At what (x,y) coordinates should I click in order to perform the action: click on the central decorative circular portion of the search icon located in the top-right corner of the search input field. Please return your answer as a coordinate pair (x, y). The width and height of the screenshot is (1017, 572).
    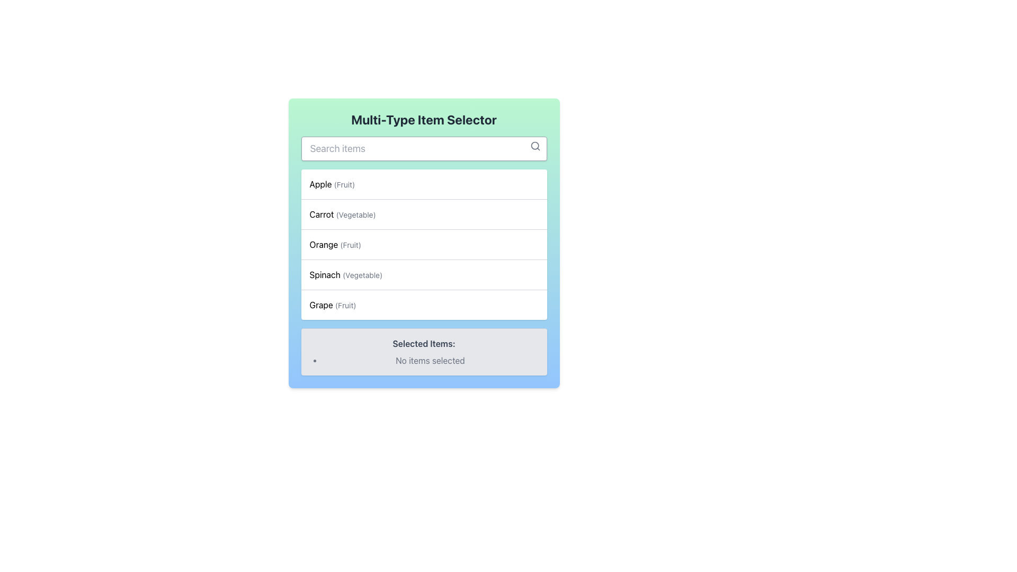
    Looking at the image, I should click on (534, 146).